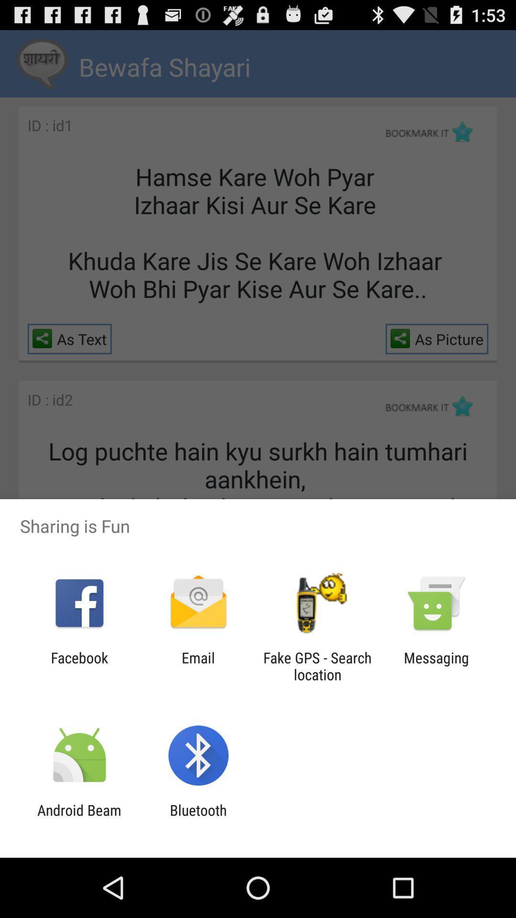 This screenshot has height=918, width=516. What do you see at coordinates (79, 818) in the screenshot?
I see `icon next to bluetooth` at bounding box center [79, 818].